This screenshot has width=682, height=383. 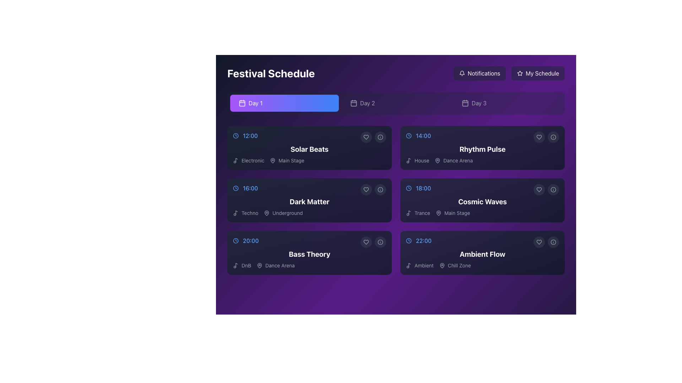 What do you see at coordinates (507, 103) in the screenshot?
I see `the 'Day 3' button located within the 'Festival Schedule' interface for keyboard navigation` at bounding box center [507, 103].